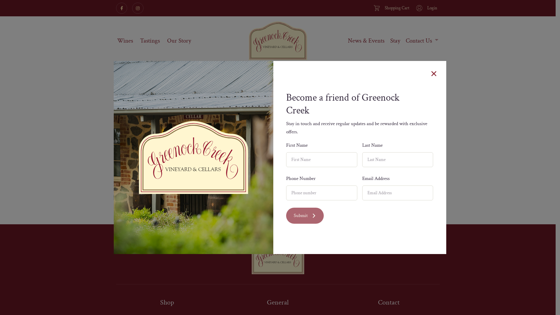  I want to click on 'Contact Us', so click(422, 40).